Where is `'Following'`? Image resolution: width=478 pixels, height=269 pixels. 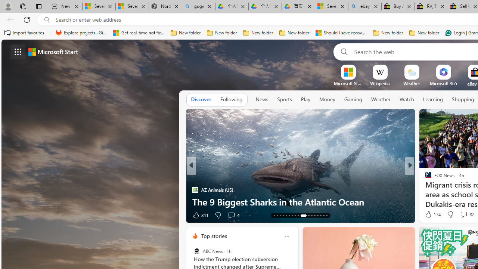
'Following' is located at coordinates (231, 99).